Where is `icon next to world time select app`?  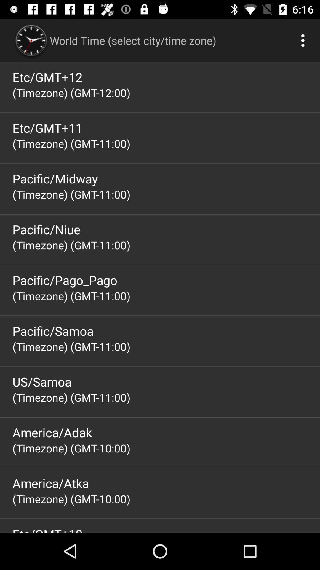 icon next to world time select app is located at coordinates (304, 40).